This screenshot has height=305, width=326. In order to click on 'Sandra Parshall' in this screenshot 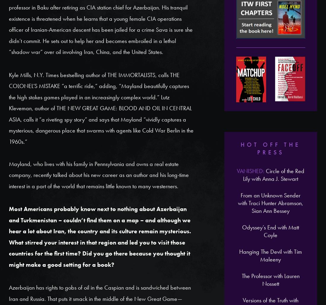, I will do `click(59, 219)`.